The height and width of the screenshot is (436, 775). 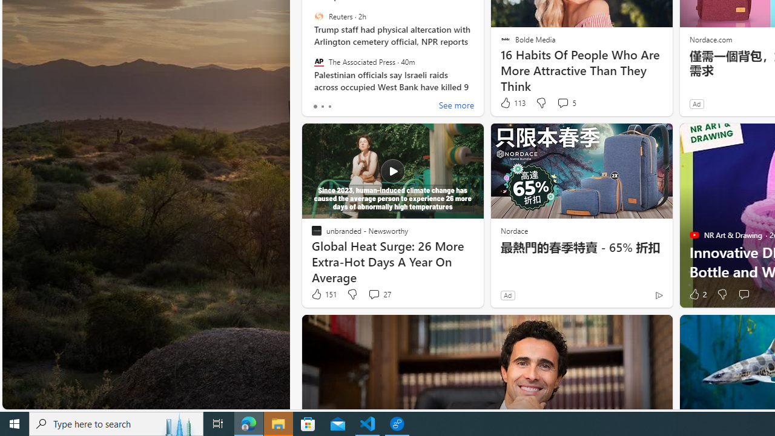 I want to click on '151 Like', so click(x=323, y=294).